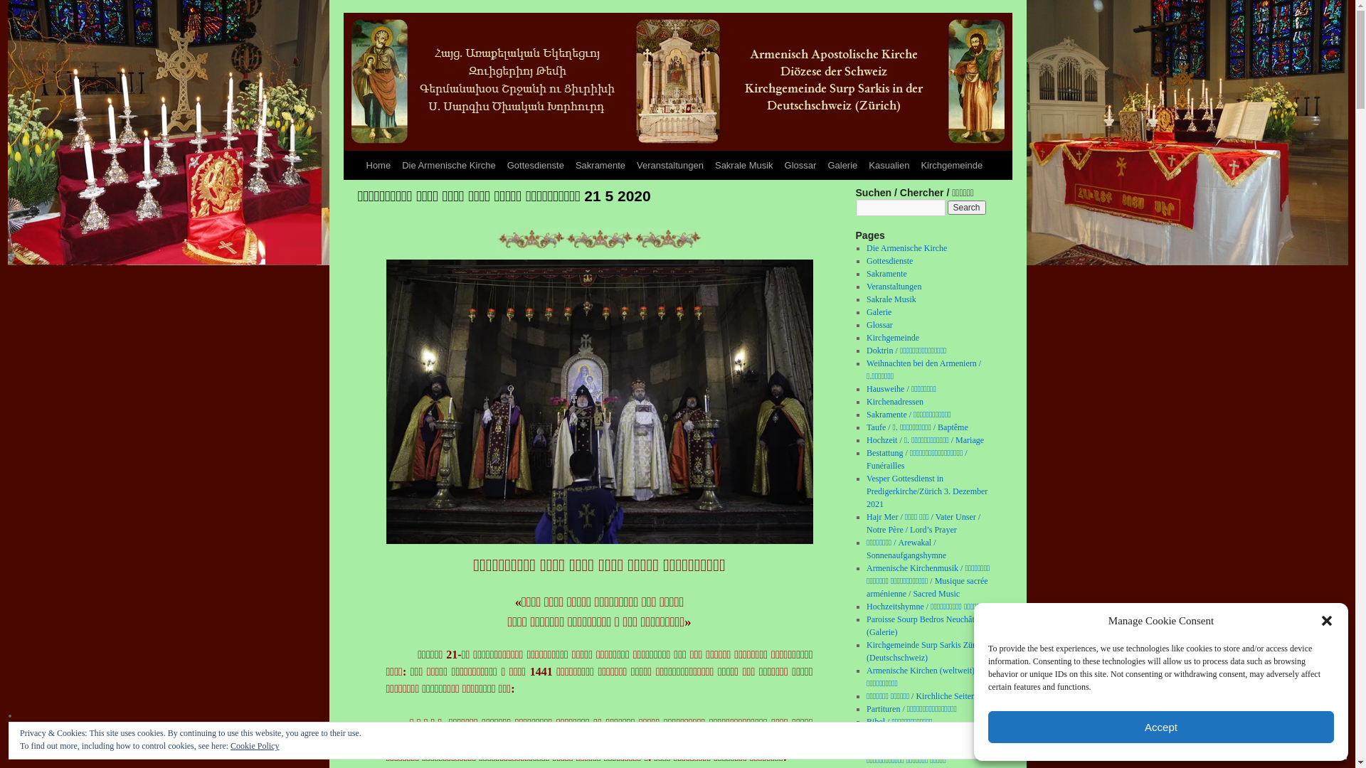 The width and height of the screenshot is (1366, 768). I want to click on 'Galerie', so click(822, 164).